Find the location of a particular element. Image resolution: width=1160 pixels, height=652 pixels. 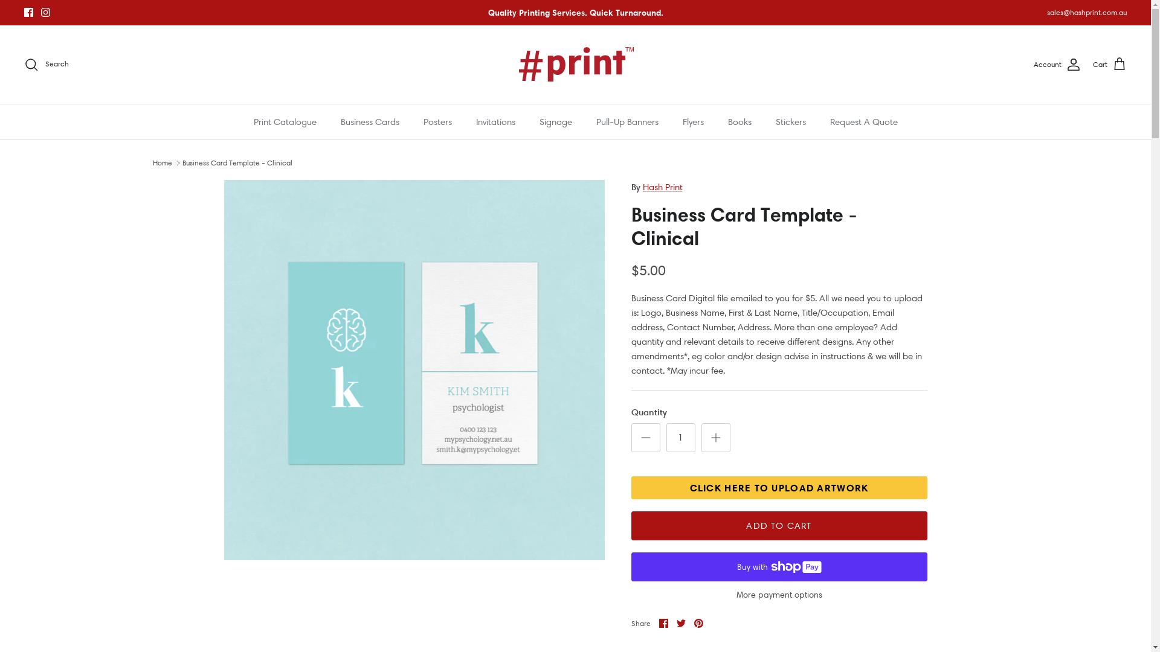

'Cart' is located at coordinates (1110, 65).